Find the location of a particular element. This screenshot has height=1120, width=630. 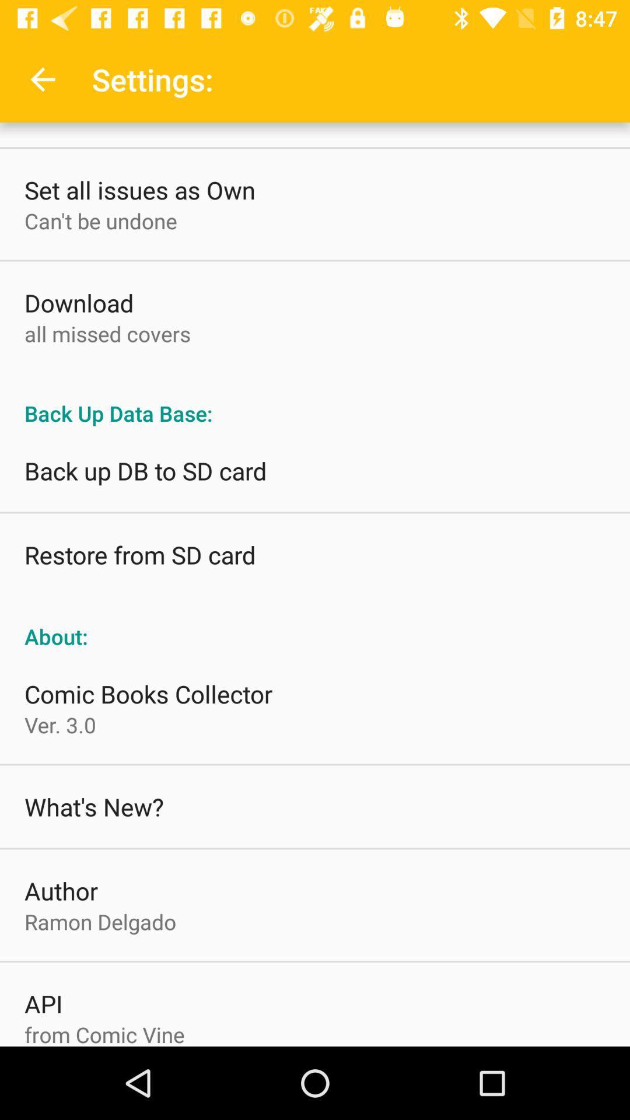

item above can t be icon is located at coordinates (139, 190).